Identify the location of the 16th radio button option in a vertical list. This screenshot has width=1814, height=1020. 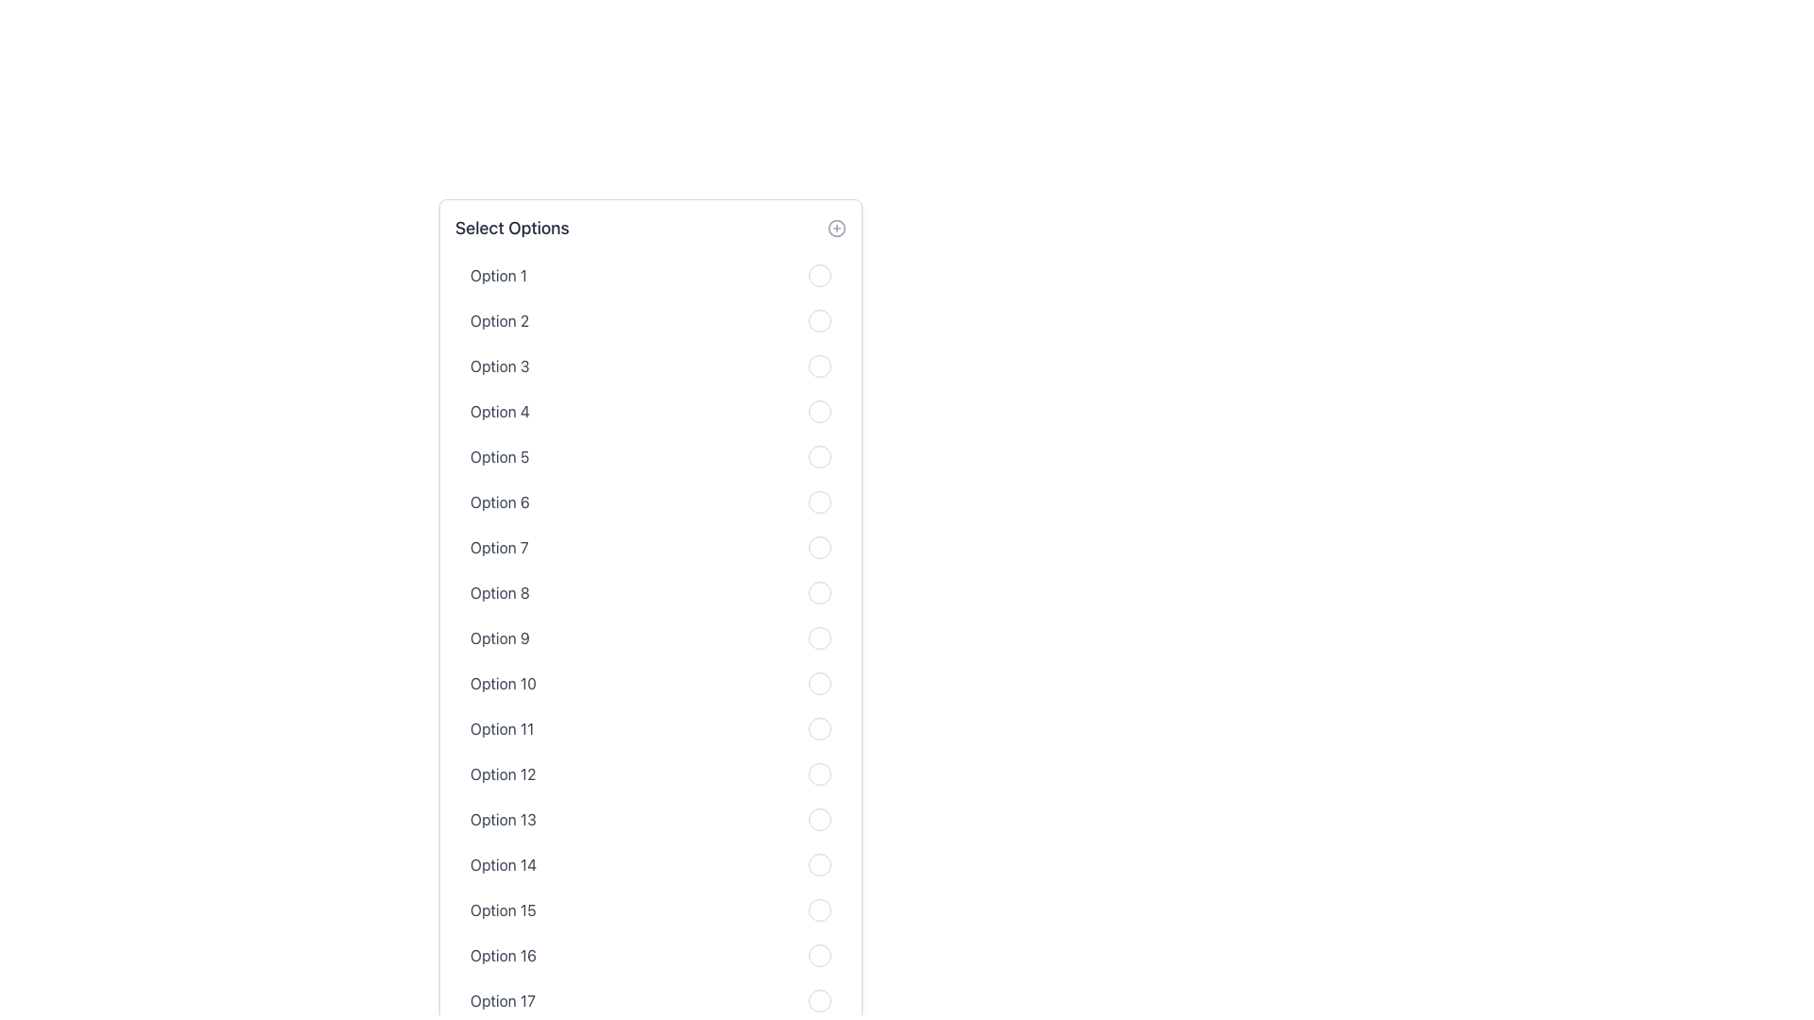
(651, 955).